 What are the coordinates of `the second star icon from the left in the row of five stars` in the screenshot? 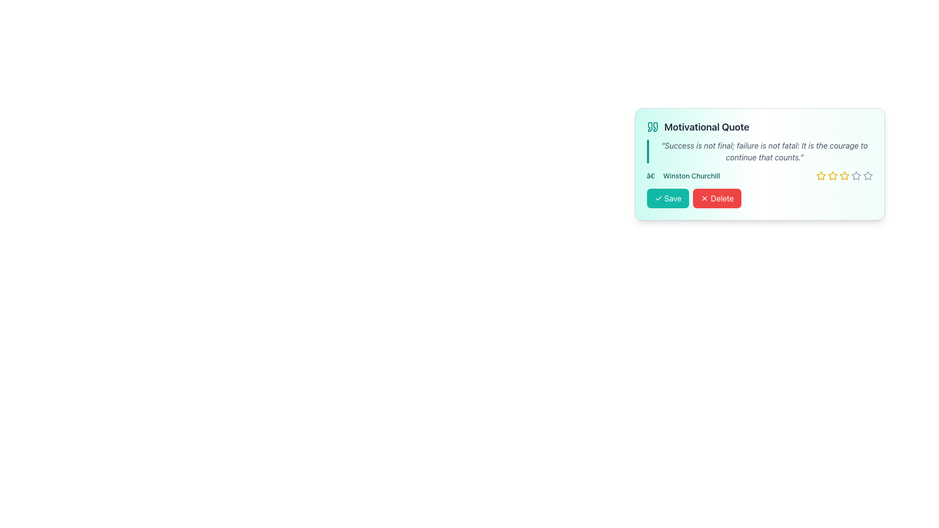 It's located at (844, 175).